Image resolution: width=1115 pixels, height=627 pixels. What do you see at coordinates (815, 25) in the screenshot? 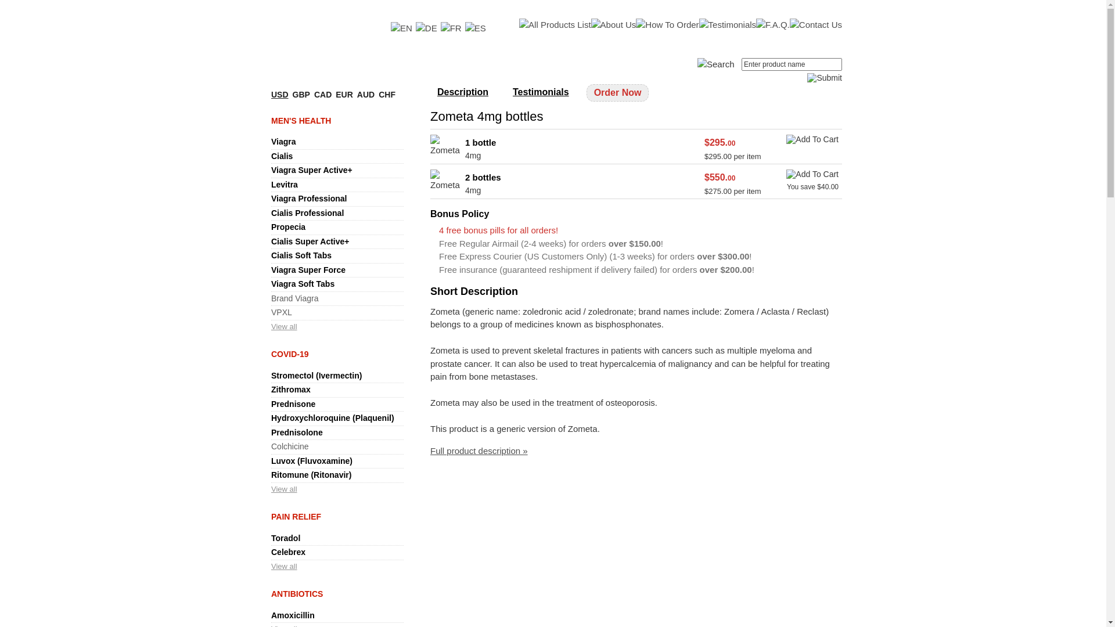
I see `'Contact Us'` at bounding box center [815, 25].